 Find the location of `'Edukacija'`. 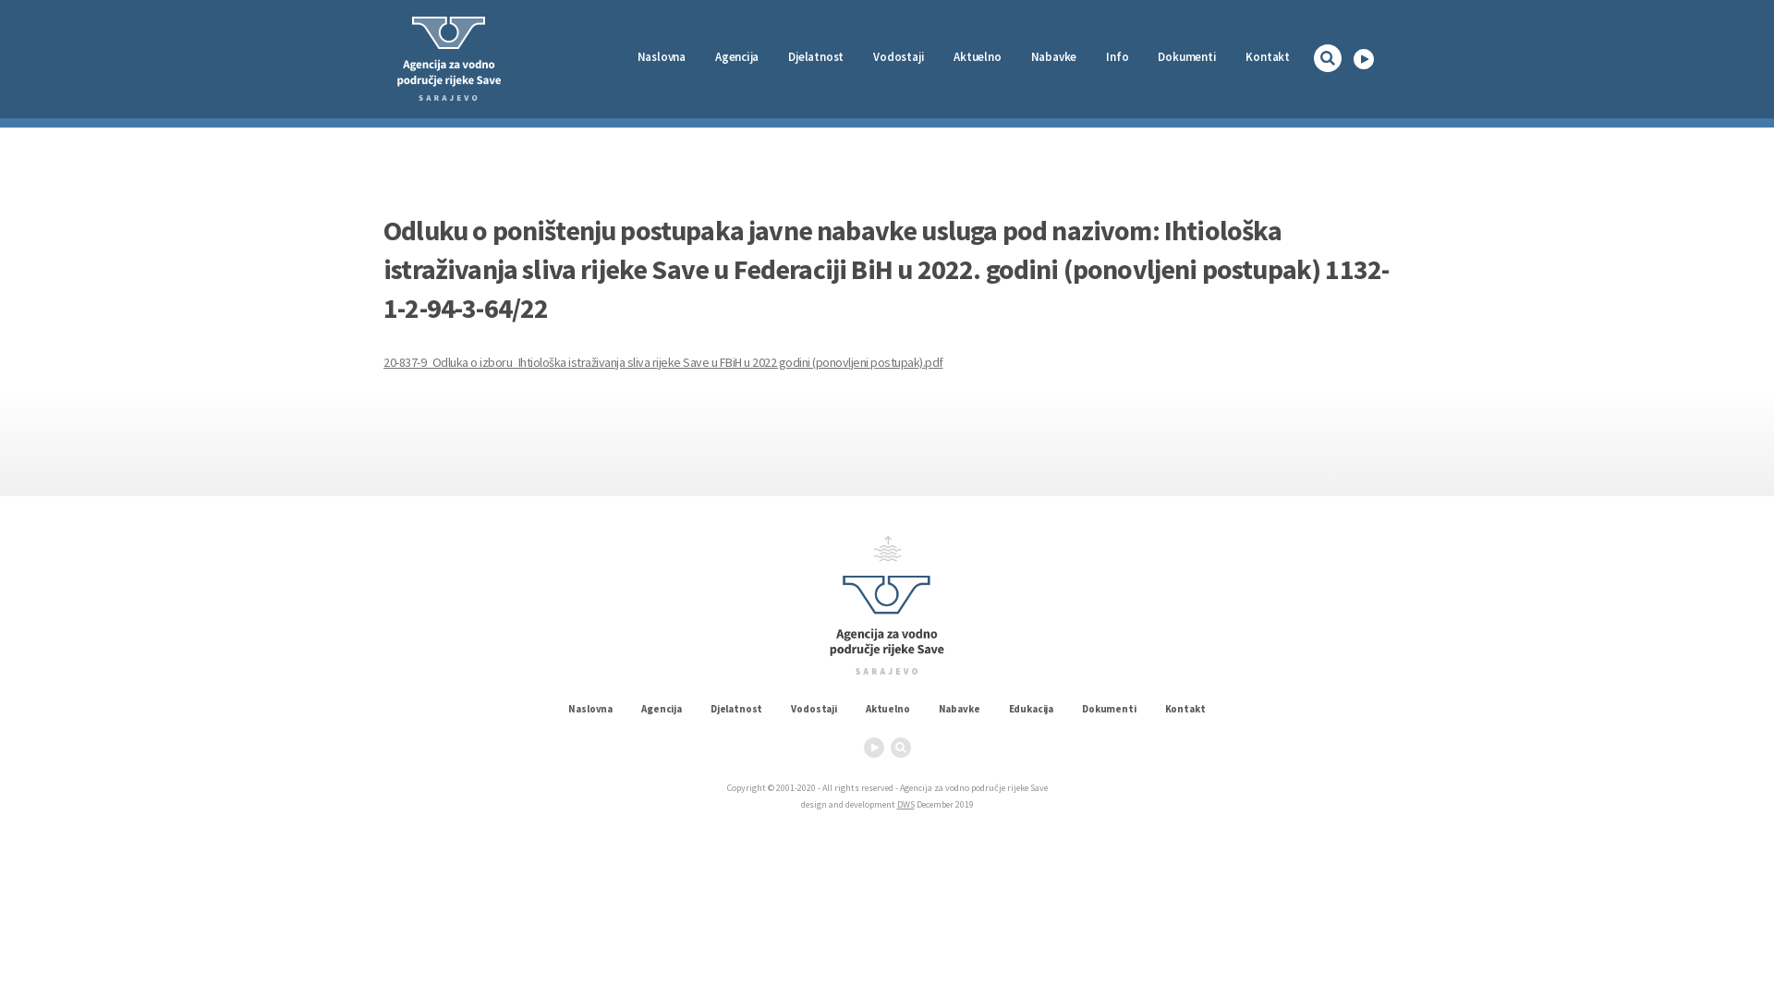

'Edukacija' is located at coordinates (1030, 708).